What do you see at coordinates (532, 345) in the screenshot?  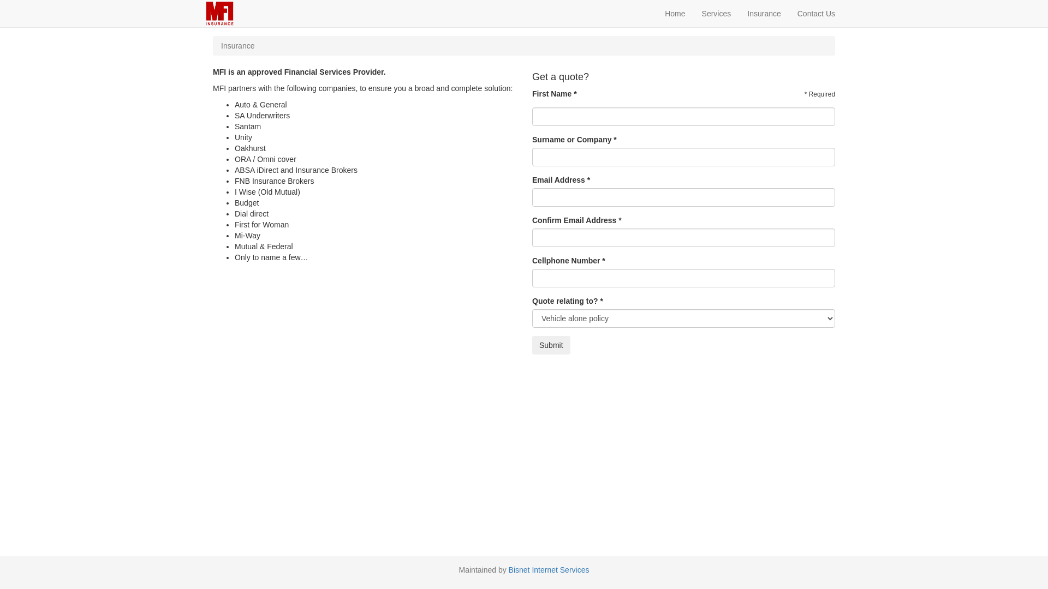 I see `'Submit'` at bounding box center [532, 345].